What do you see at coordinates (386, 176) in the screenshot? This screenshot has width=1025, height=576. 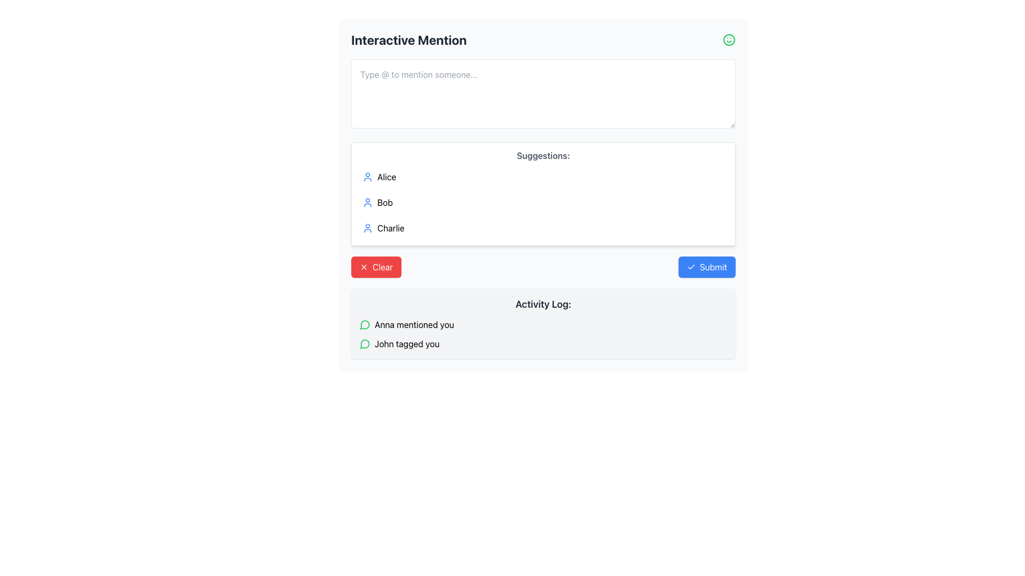 I see `the text label displaying the user name 'Alice'` at bounding box center [386, 176].